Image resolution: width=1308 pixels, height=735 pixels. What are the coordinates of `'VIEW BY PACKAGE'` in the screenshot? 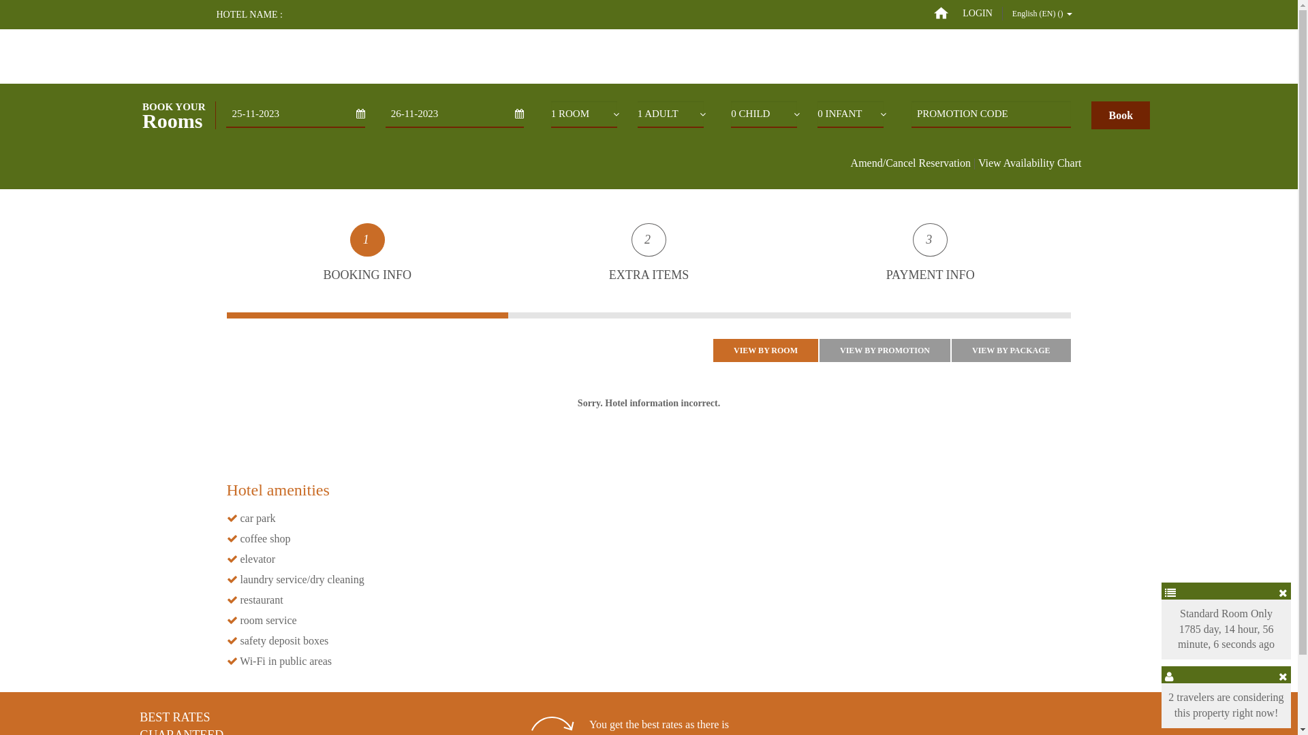 It's located at (1010, 350).